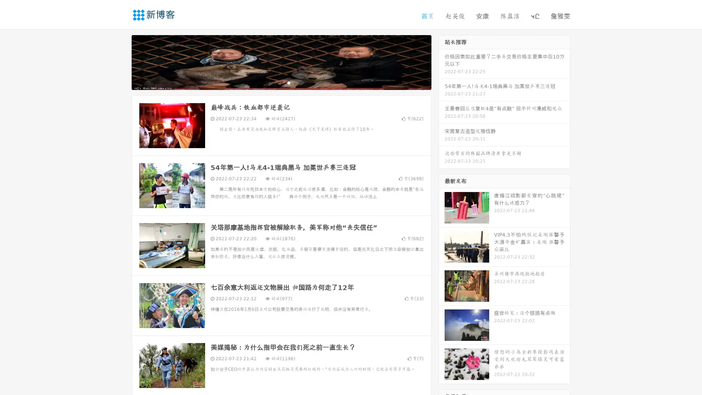  Describe the element at coordinates (442, 61) in the screenshot. I see `Next slide` at that location.